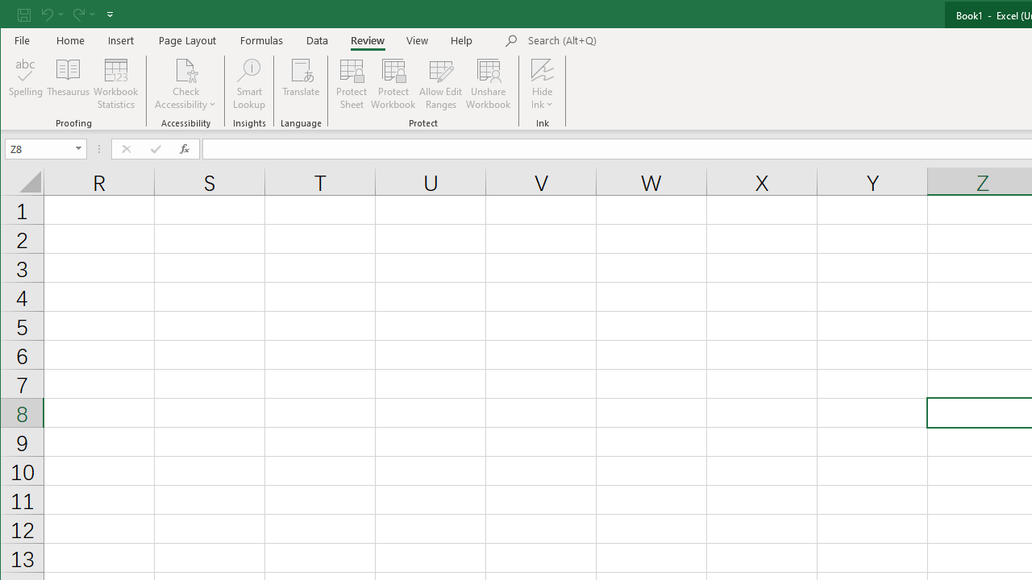 Image resolution: width=1032 pixels, height=580 pixels. Describe the element at coordinates (248, 84) in the screenshot. I see `'Smart Lookup'` at that location.